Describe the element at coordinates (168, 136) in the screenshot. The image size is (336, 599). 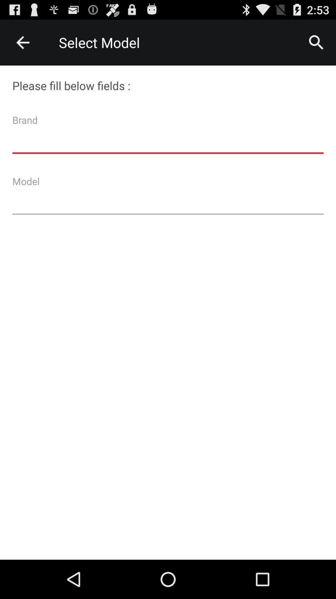
I see `type brand name` at that location.